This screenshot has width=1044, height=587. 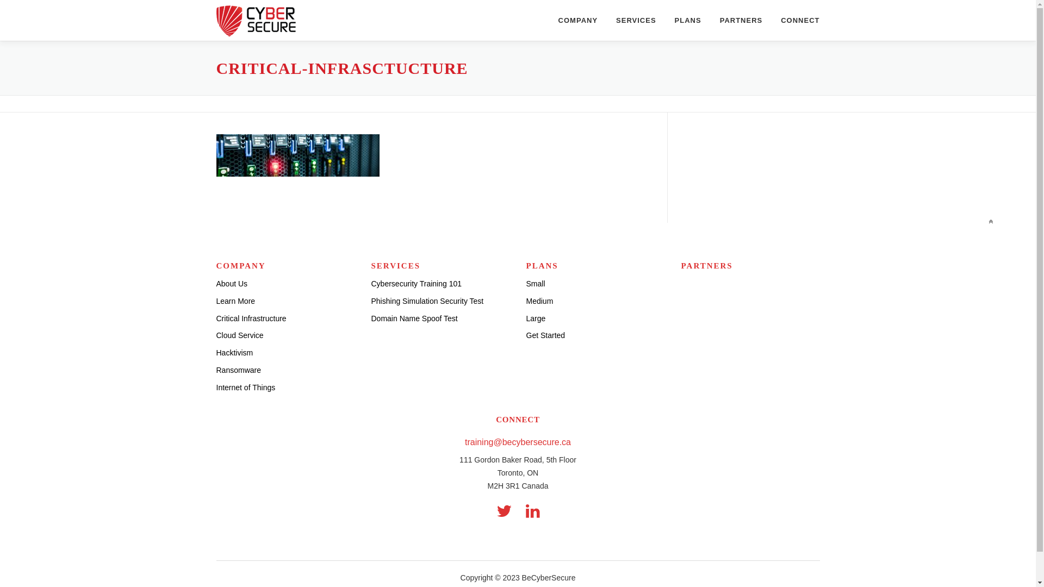 What do you see at coordinates (526, 335) in the screenshot?
I see `'Get Started'` at bounding box center [526, 335].